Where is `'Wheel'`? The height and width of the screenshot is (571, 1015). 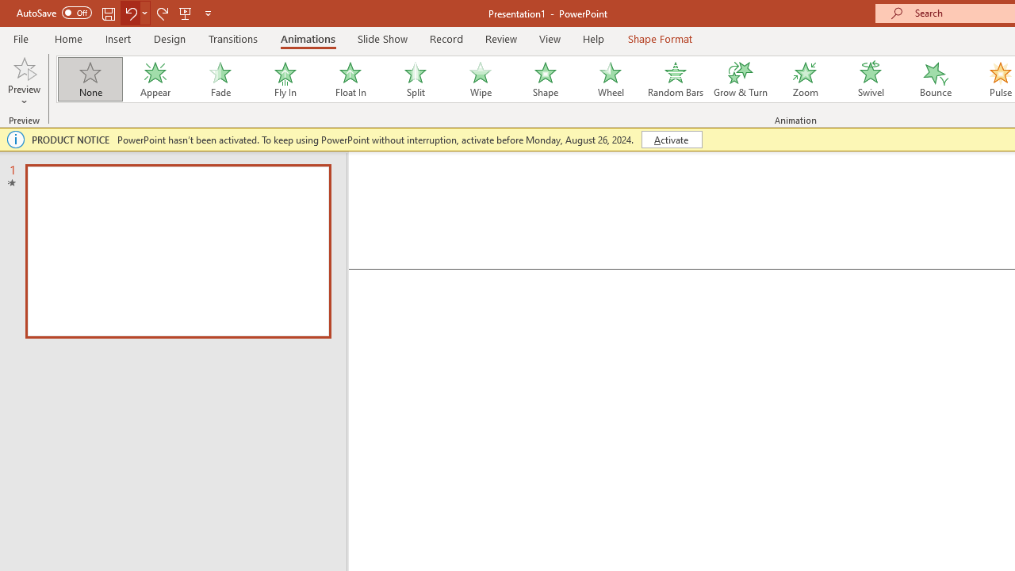 'Wheel' is located at coordinates (610, 79).